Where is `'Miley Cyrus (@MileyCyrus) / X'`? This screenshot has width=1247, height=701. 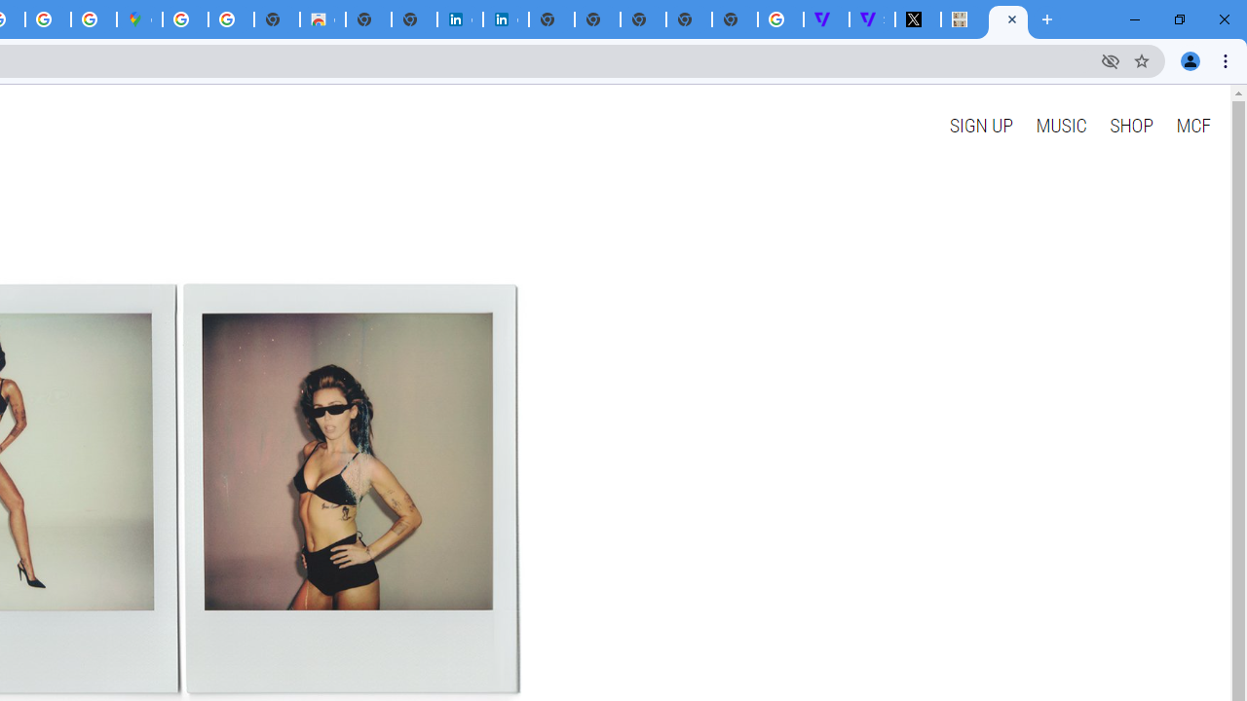 'Miley Cyrus (@MileyCyrus) / X' is located at coordinates (917, 19).